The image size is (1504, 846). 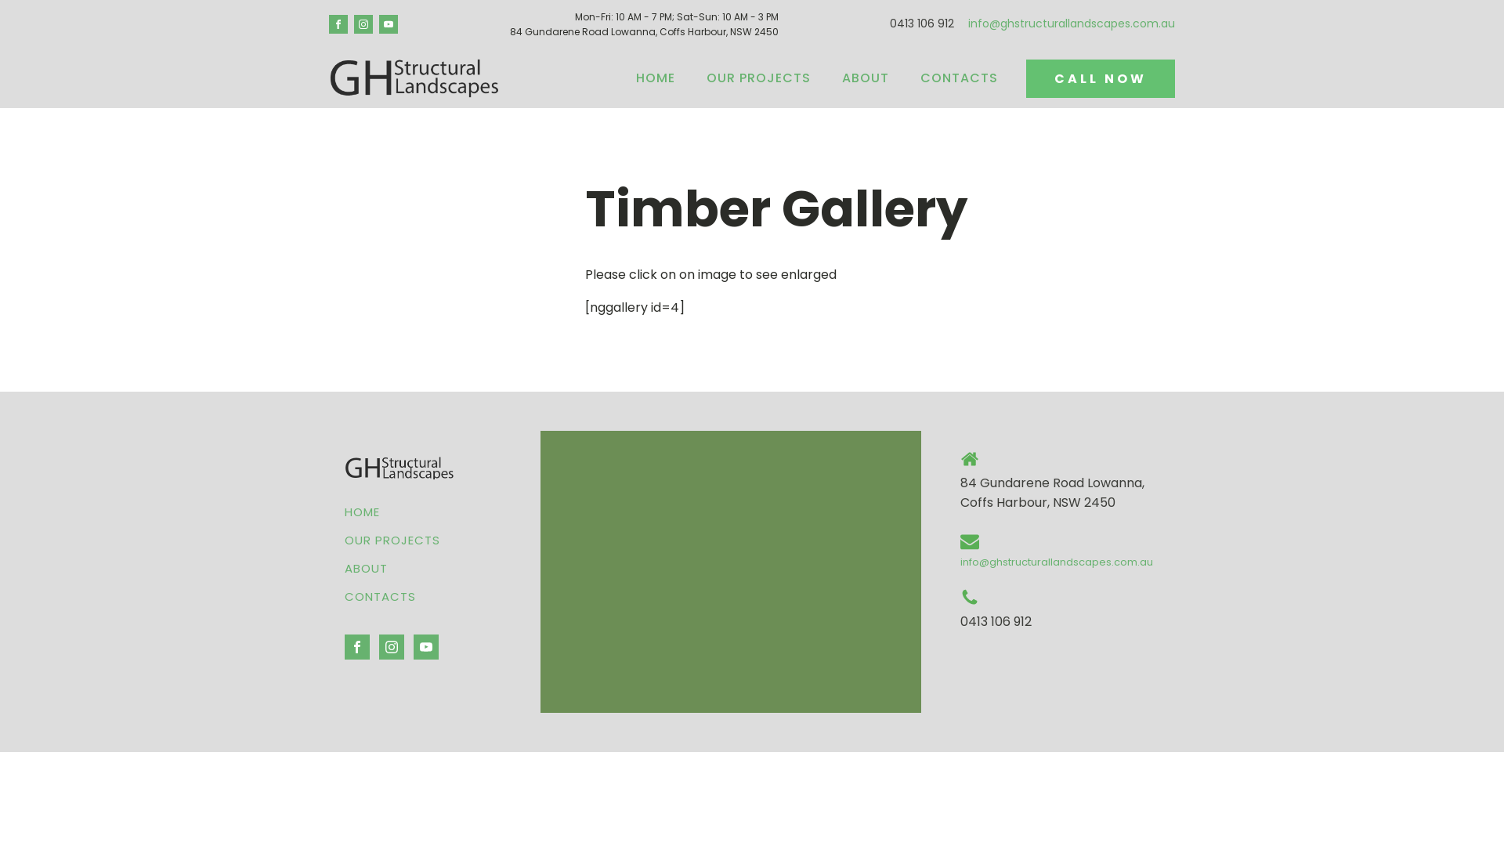 I want to click on 'ABOUT', so click(x=864, y=78).